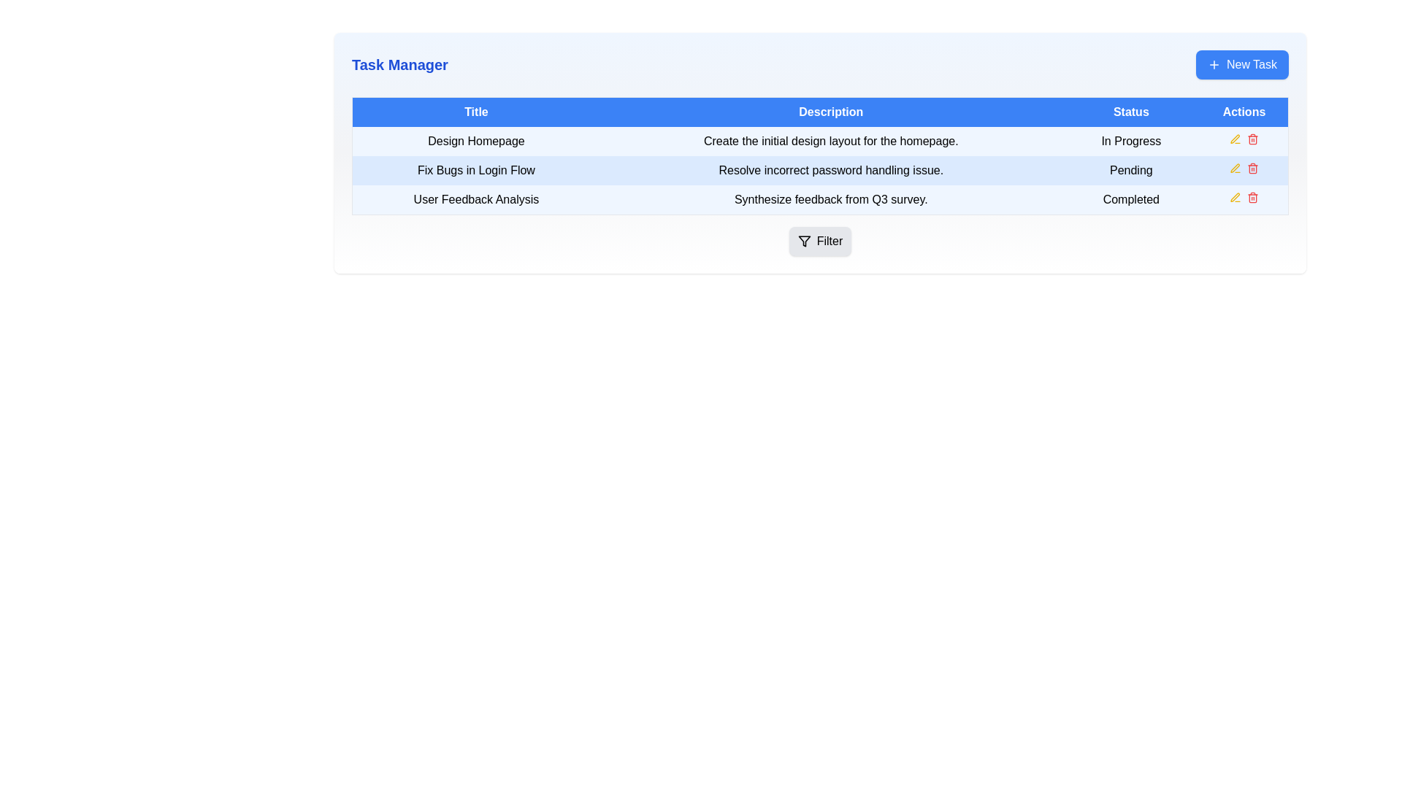 The height and width of the screenshot is (788, 1402). Describe the element at coordinates (1214, 63) in the screenshot. I see `the '+' icon located on the top-right corner of the interface within the 'New Task' button to trigger tooltips or visual feedback` at that location.